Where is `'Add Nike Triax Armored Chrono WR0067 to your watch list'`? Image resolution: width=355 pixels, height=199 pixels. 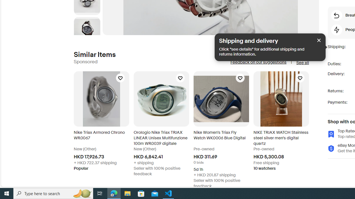
'Add Nike Triax Armored Chrono WR0067 to your watch list' is located at coordinates (120, 78).